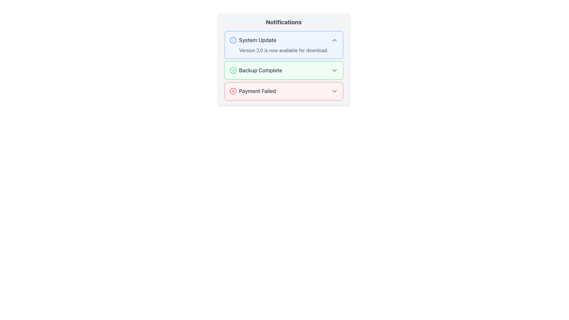  What do you see at coordinates (233, 91) in the screenshot?
I see `the error indication icon for the 'Payment Failed' notification, which is located at the far left of the notification entry` at bounding box center [233, 91].